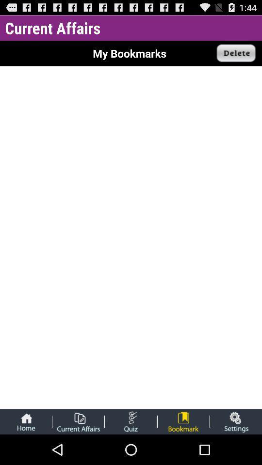 This screenshot has width=262, height=465. What do you see at coordinates (26, 421) in the screenshot?
I see `the home bar` at bounding box center [26, 421].